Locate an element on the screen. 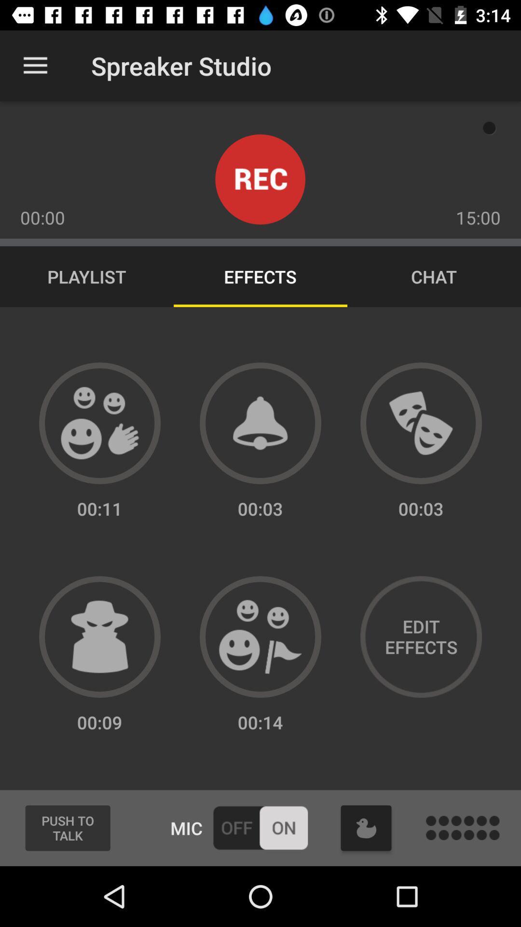  sound effect is located at coordinates (260, 423).